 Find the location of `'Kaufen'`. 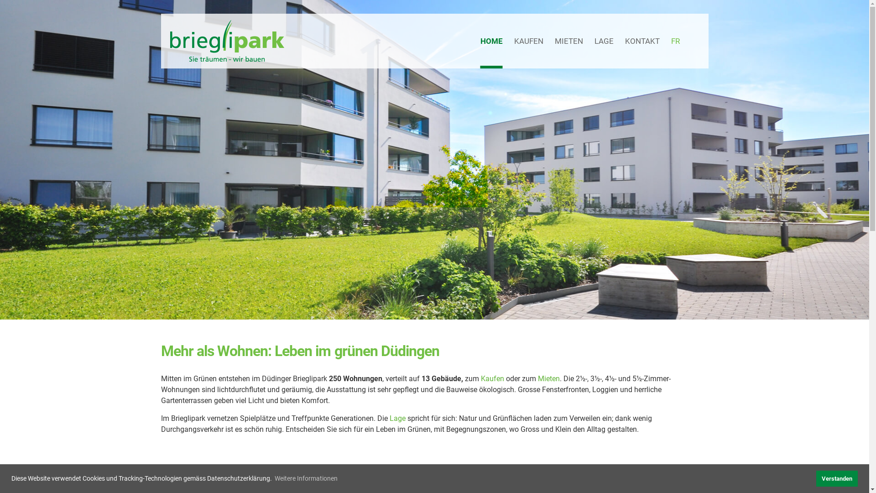

'Kaufen' is located at coordinates (492, 378).